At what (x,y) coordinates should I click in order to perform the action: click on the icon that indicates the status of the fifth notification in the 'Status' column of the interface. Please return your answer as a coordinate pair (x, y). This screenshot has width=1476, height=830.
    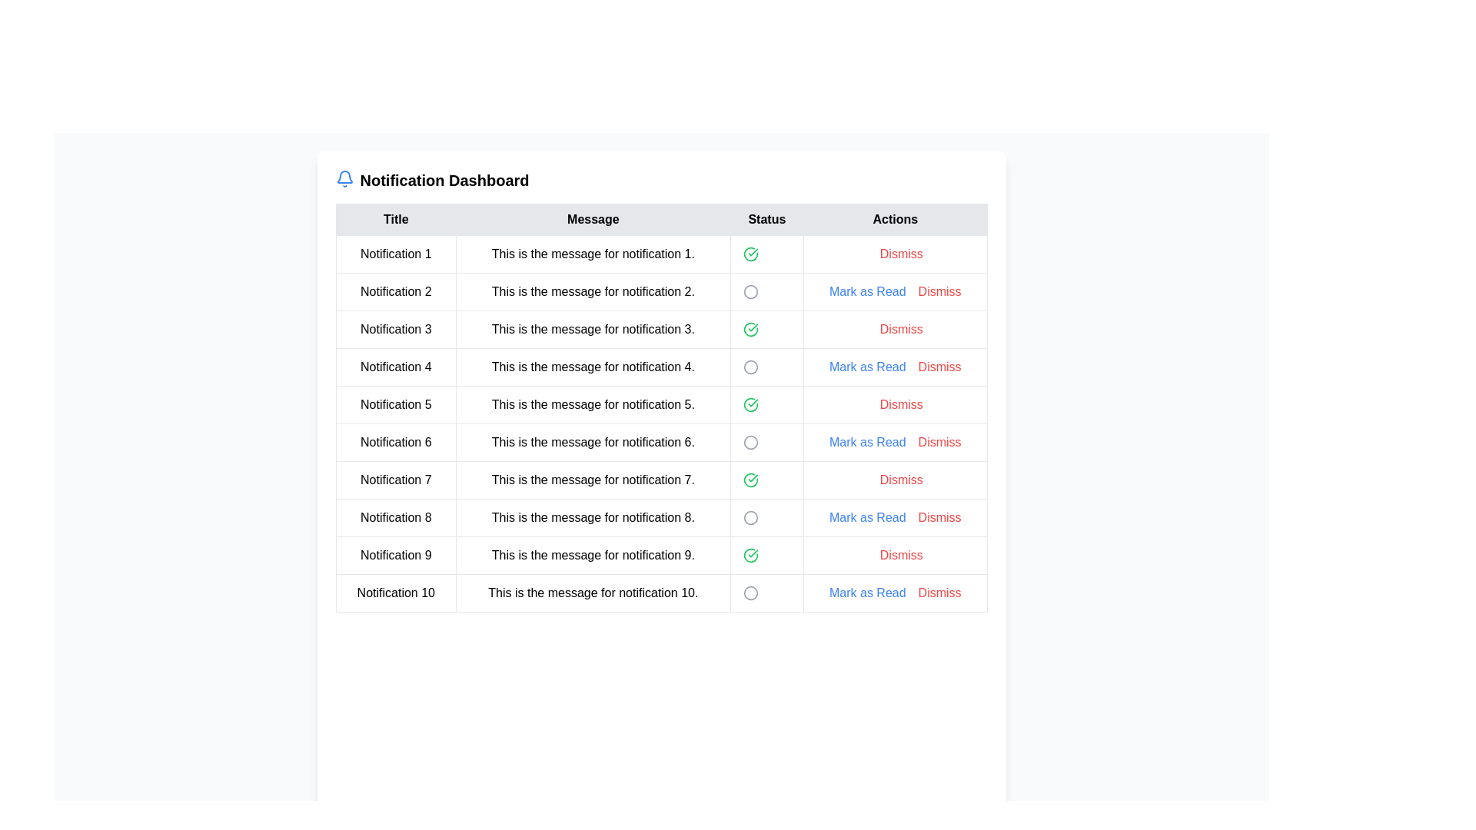
    Looking at the image, I should click on (750, 404).